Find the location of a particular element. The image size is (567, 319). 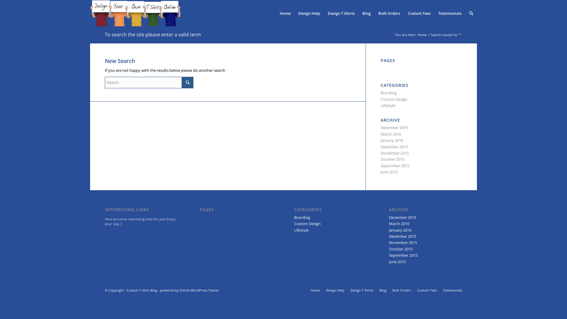

'Custom Tees' is located at coordinates (427, 290).